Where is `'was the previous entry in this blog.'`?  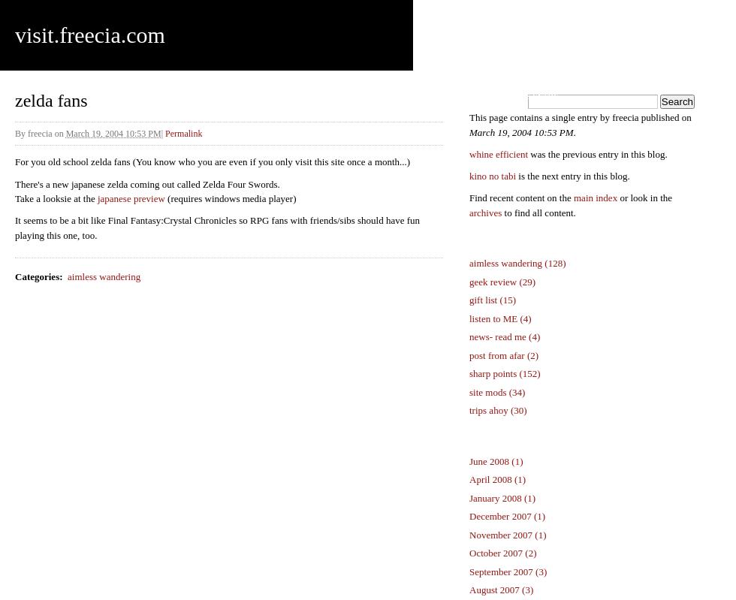
'was the previous entry in this blog.' is located at coordinates (597, 153).